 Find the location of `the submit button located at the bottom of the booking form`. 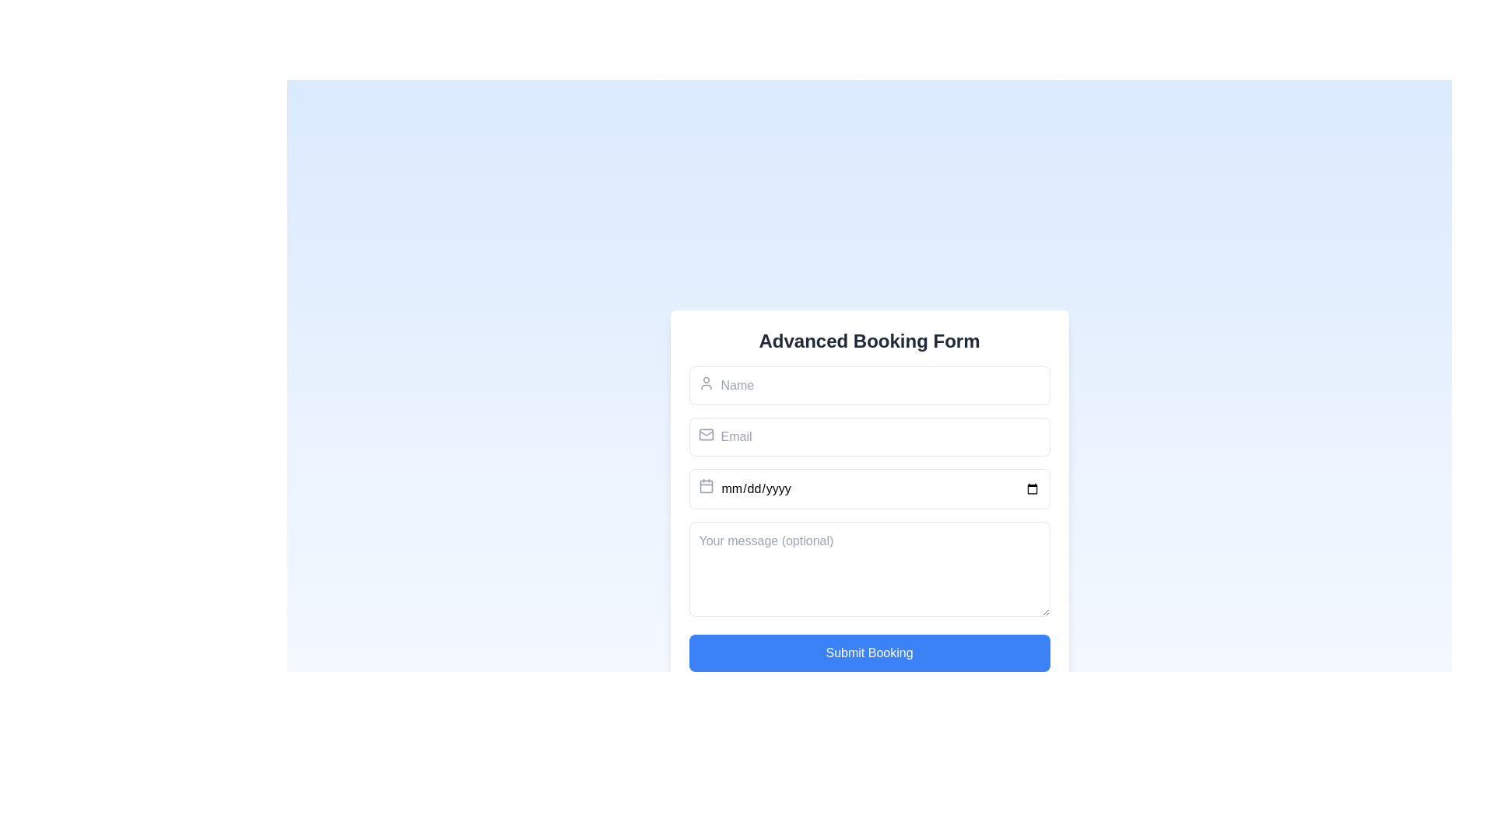

the submit button located at the bottom of the booking form is located at coordinates (868, 653).